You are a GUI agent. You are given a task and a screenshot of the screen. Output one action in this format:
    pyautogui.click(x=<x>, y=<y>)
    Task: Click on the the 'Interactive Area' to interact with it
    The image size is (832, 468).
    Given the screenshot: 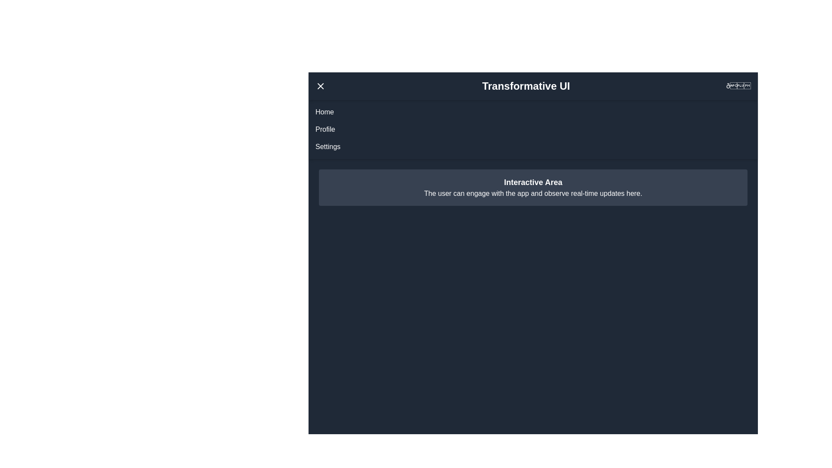 What is the action you would take?
    pyautogui.click(x=533, y=182)
    